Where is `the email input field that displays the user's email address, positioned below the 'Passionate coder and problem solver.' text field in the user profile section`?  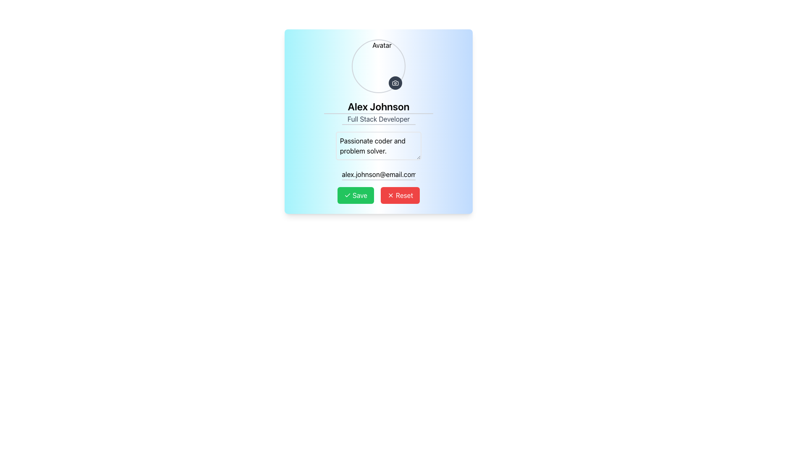 the email input field that displays the user's email address, positioned below the 'Passionate coder and problem solver.' text field in the user profile section is located at coordinates (378, 174).